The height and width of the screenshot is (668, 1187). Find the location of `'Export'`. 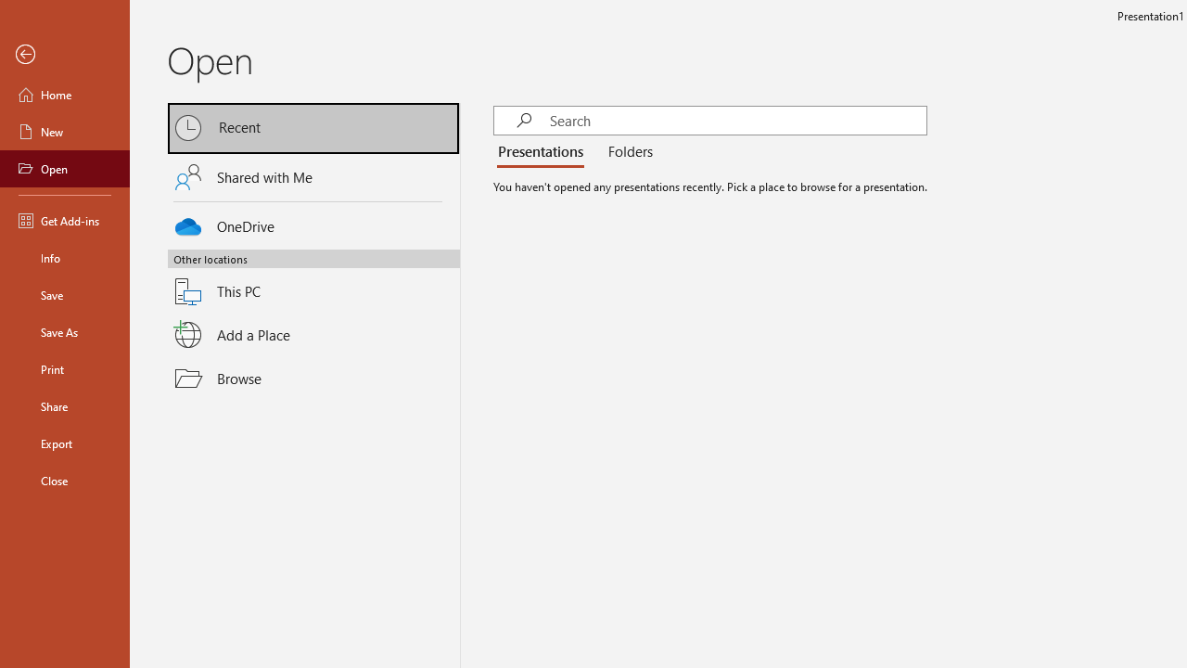

'Export' is located at coordinates (64, 443).